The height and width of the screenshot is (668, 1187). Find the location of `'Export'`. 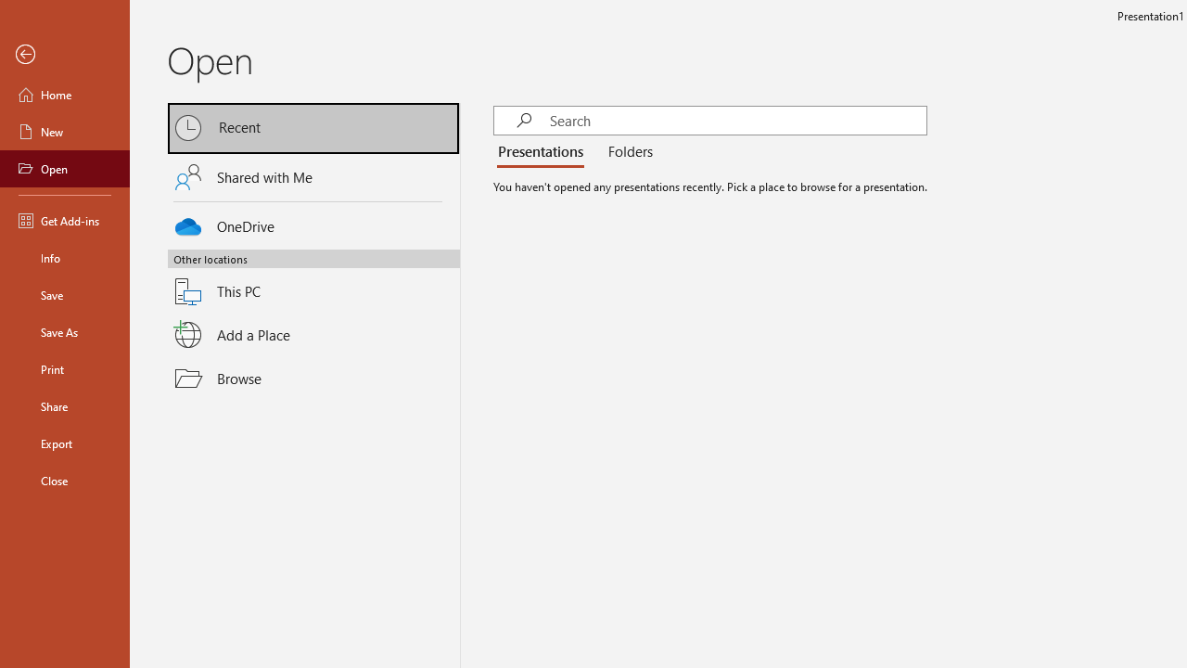

'Export' is located at coordinates (64, 443).